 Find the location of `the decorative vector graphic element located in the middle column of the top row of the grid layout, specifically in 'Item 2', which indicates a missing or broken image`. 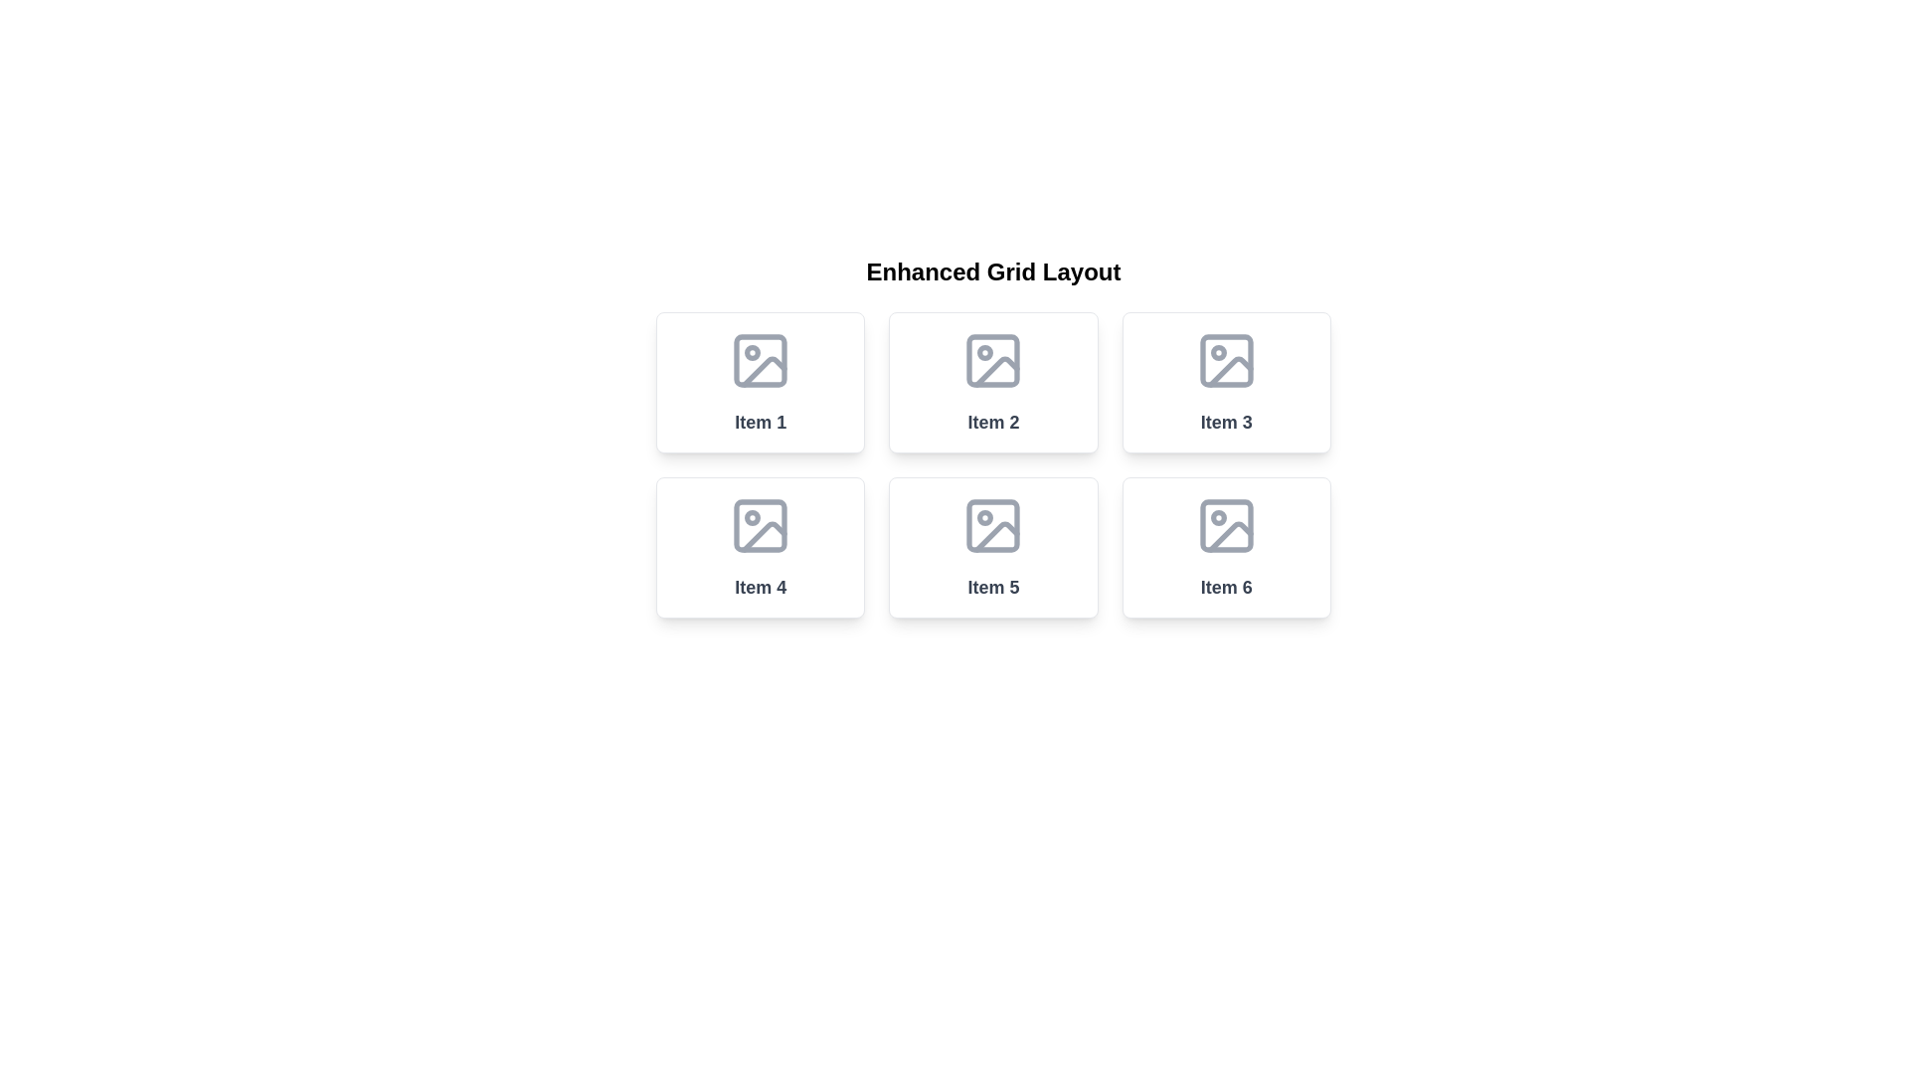

the decorative vector graphic element located in the middle column of the top row of the grid layout, specifically in 'Item 2', which indicates a missing or broken image is located at coordinates (997, 372).